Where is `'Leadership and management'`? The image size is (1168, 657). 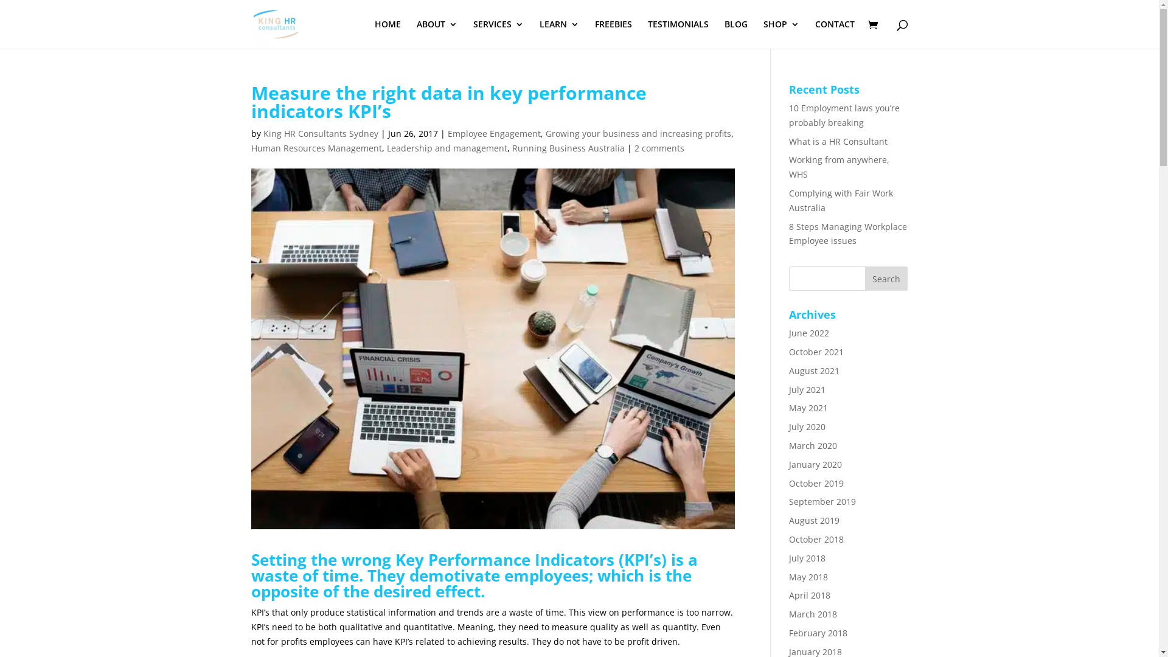
'Leadership and management' is located at coordinates (446, 147).